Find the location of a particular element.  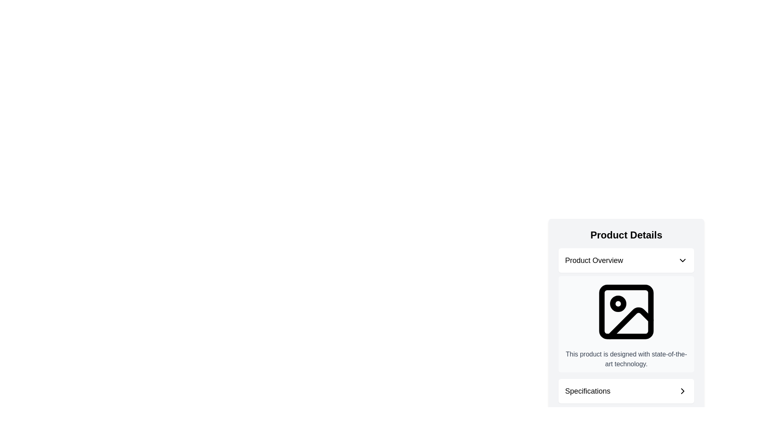

the descriptive text about the product's features located at the bottom of the 'Product Details' section, specifically under 'Product Overview', positioned directly underneath an image icon is located at coordinates (626, 359).